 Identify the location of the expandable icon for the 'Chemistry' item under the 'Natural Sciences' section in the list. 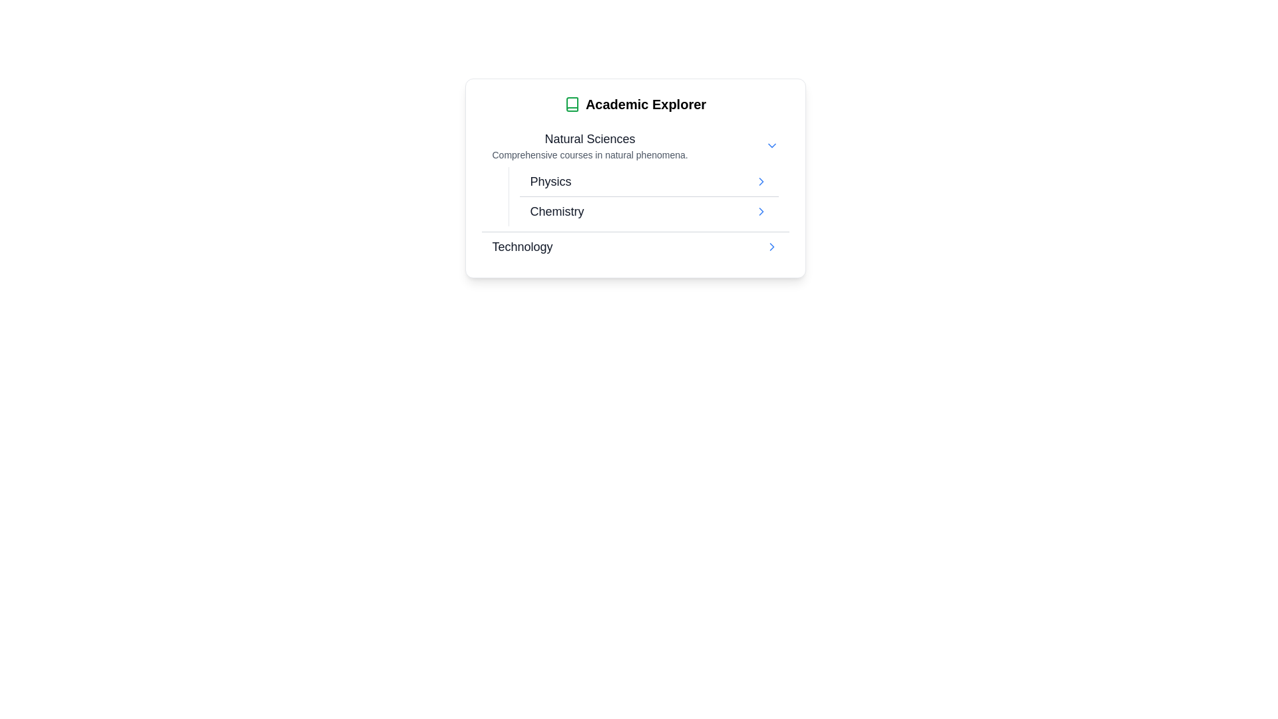
(761, 210).